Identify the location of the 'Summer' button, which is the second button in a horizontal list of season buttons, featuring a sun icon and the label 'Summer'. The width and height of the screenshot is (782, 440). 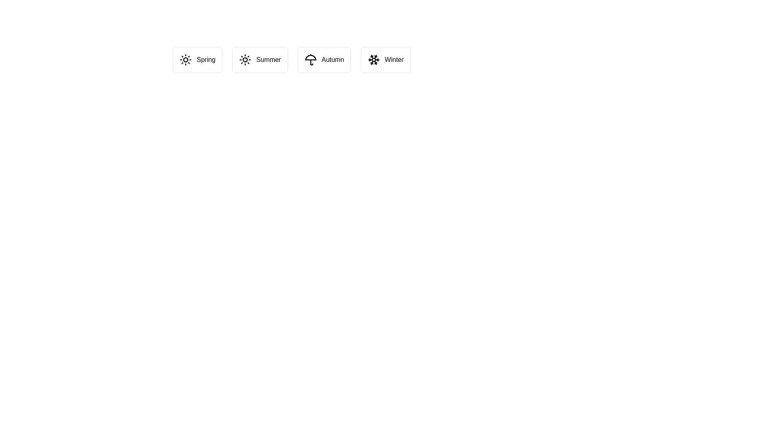
(259, 59).